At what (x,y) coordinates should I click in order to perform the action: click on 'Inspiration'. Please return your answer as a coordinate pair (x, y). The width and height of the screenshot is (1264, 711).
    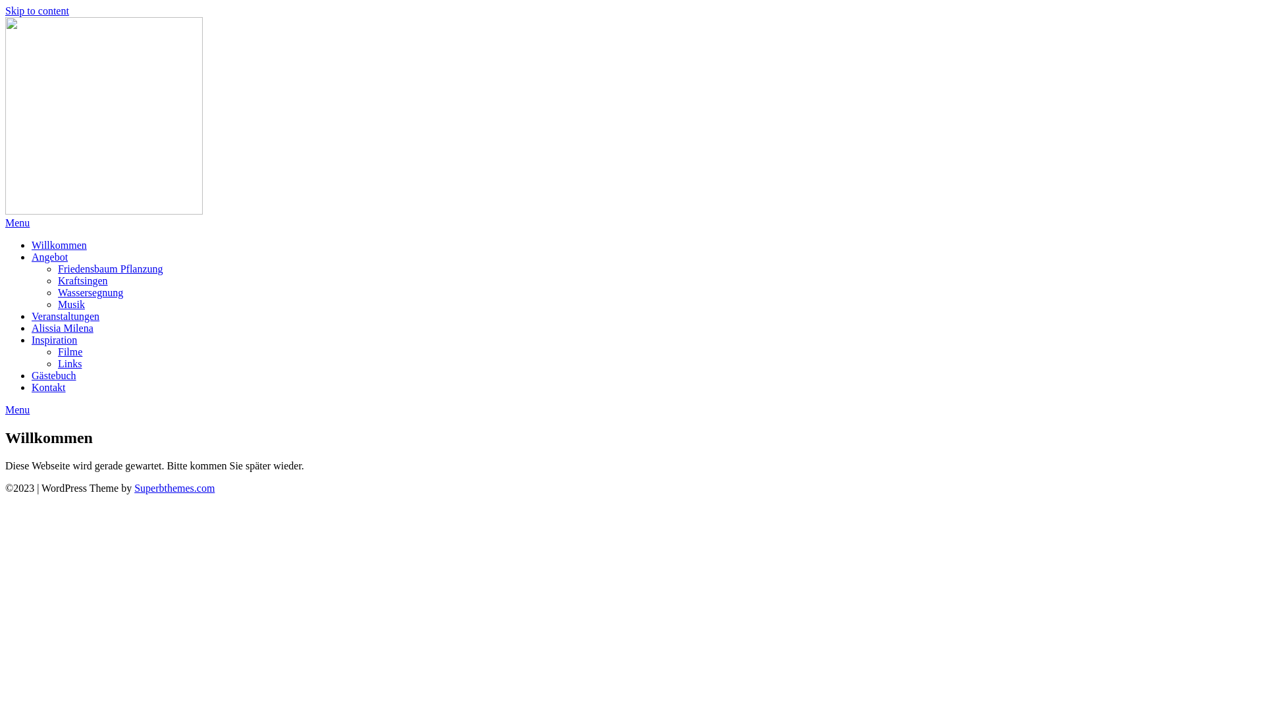
    Looking at the image, I should click on (53, 339).